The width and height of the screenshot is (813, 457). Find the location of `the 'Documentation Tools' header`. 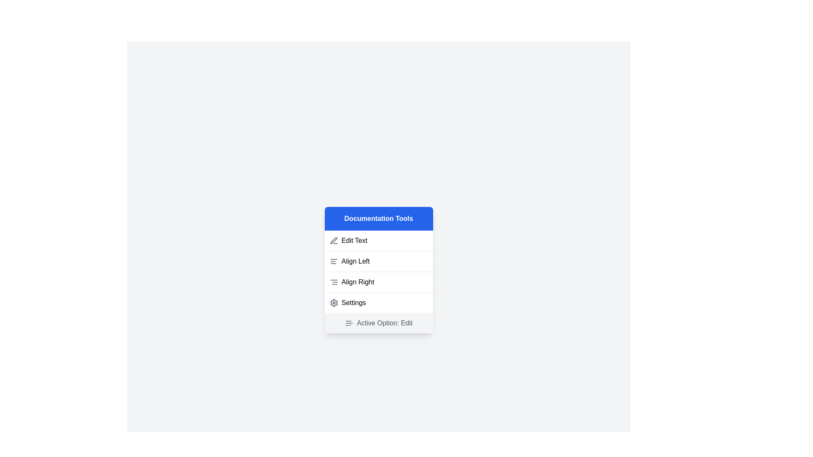

the 'Documentation Tools' header is located at coordinates (378, 218).